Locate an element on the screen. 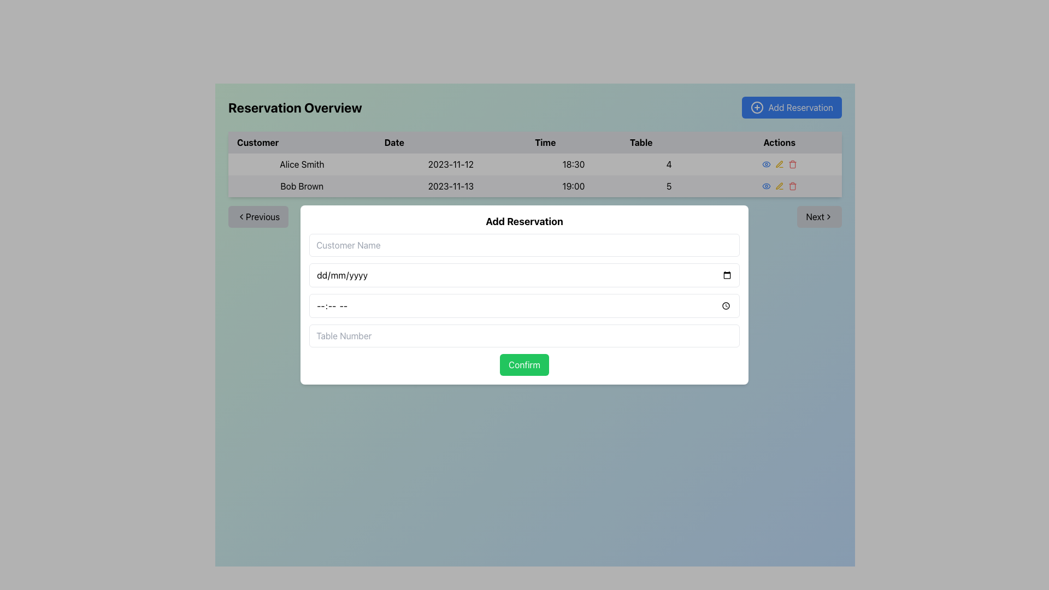 Image resolution: width=1049 pixels, height=590 pixels. the 'Add Reservation' button, which has a blue background, white text, and is located at the top-right corner of the 'Reservation Overview' header is located at coordinates (792, 107).